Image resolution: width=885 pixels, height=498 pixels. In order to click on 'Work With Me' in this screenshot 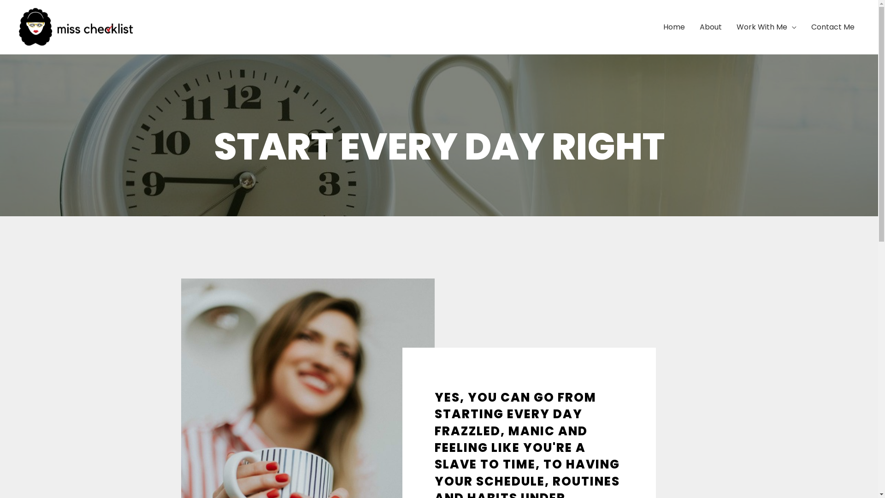, I will do `click(766, 26)`.